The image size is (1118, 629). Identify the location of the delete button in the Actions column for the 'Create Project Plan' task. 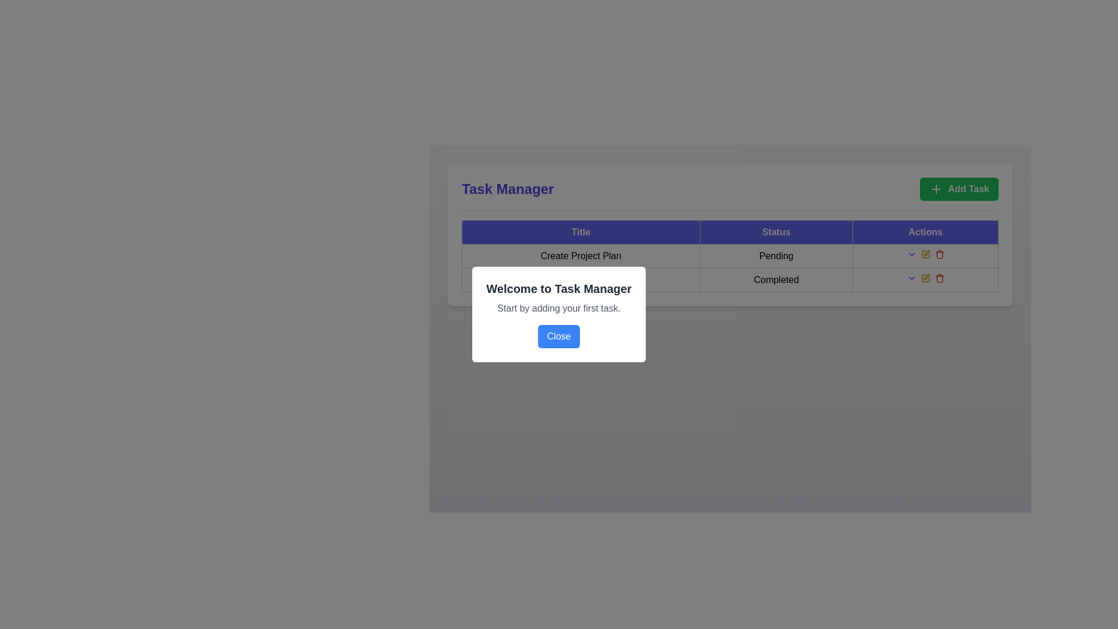
(939, 253).